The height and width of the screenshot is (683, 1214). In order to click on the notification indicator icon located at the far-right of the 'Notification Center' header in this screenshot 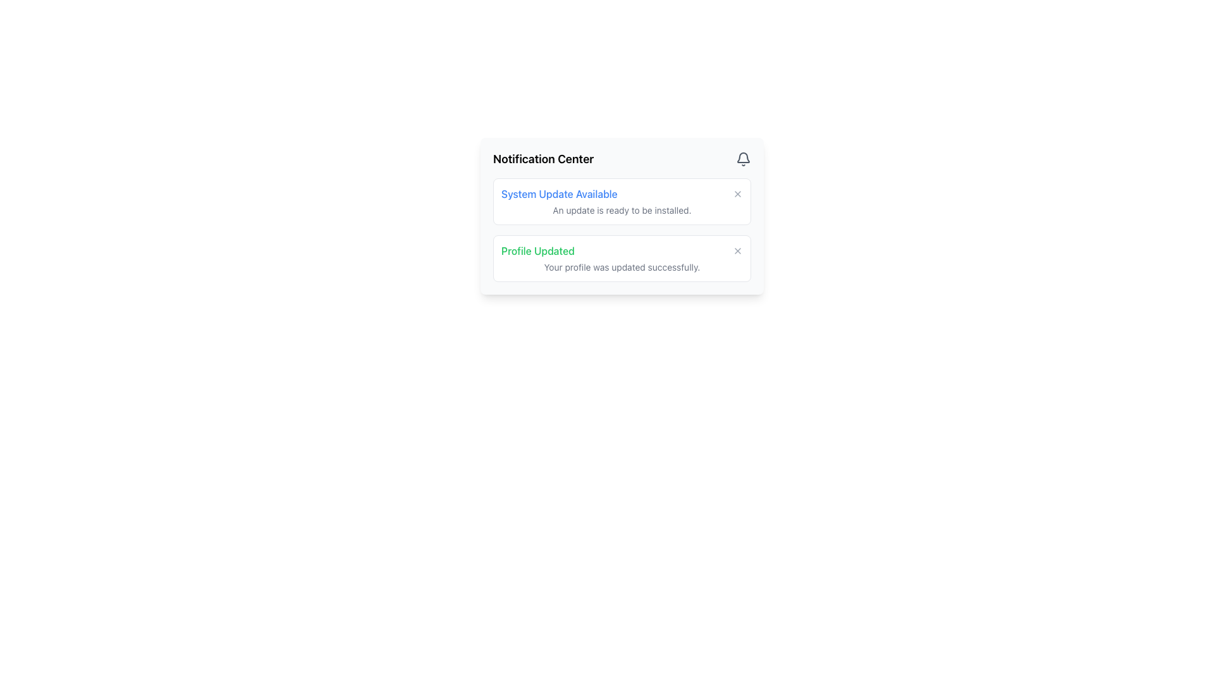, I will do `click(744, 158)`.